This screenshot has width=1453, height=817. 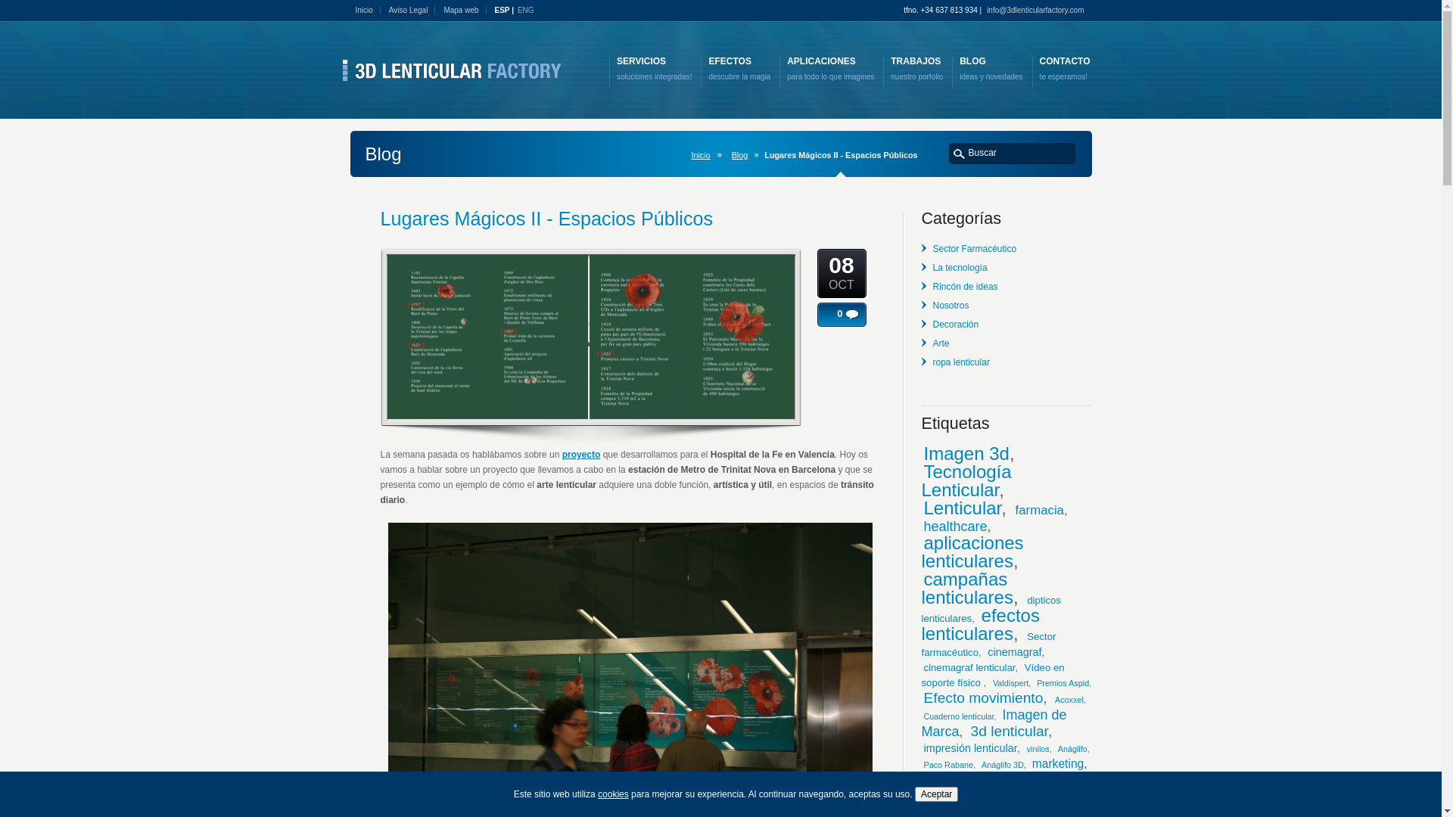 What do you see at coordinates (739, 69) in the screenshot?
I see `'EFECTOS` at bounding box center [739, 69].